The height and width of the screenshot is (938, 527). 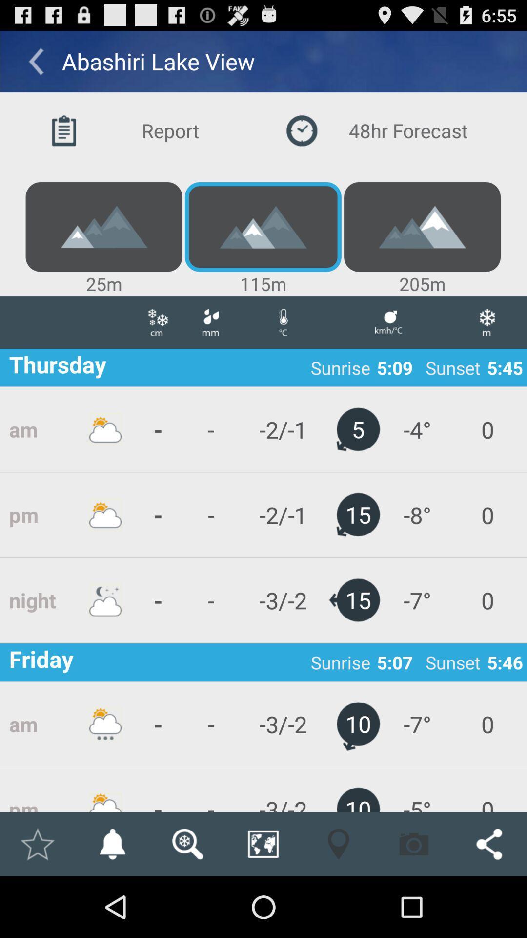 I want to click on the - item, so click(x=210, y=789).